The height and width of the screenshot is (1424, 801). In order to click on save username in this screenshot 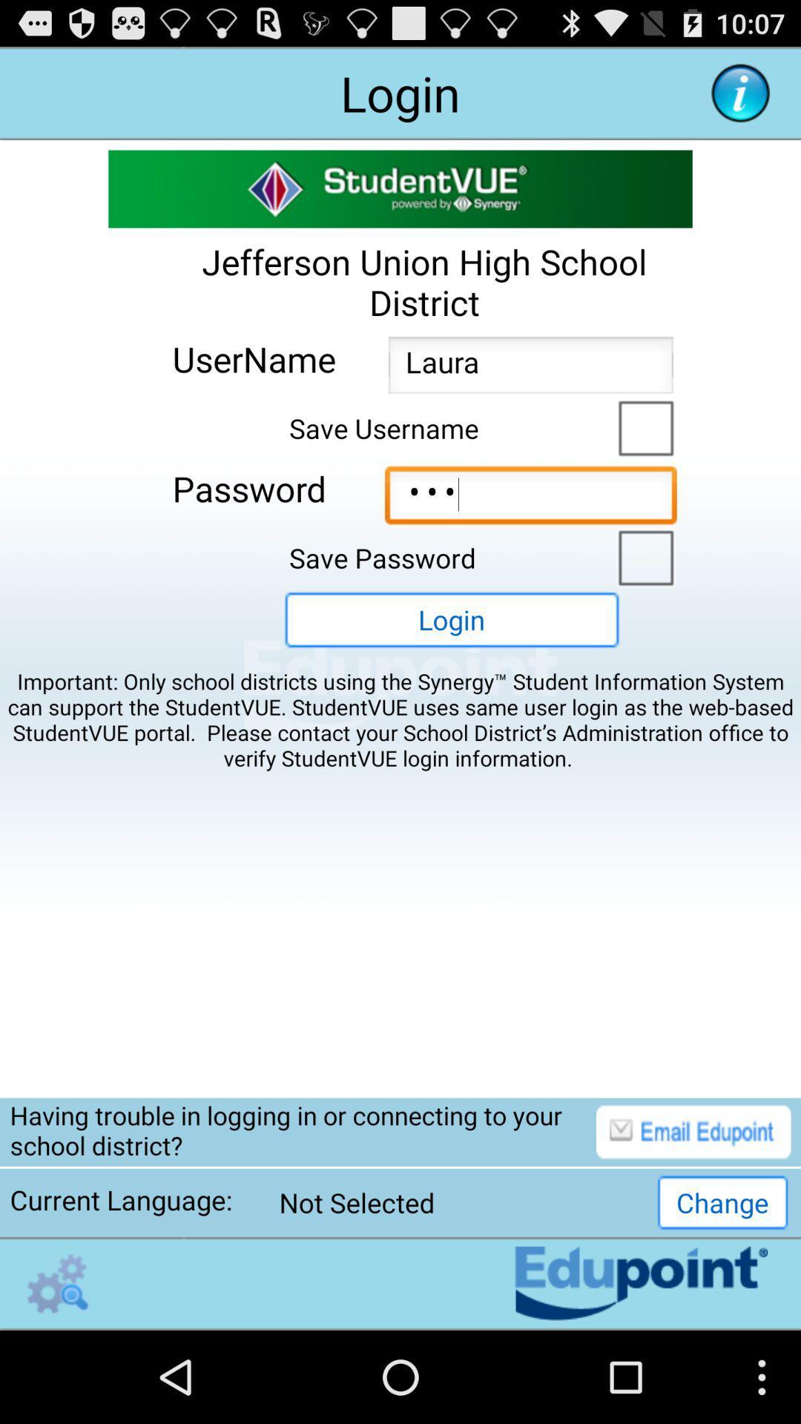, I will do `click(642, 426)`.